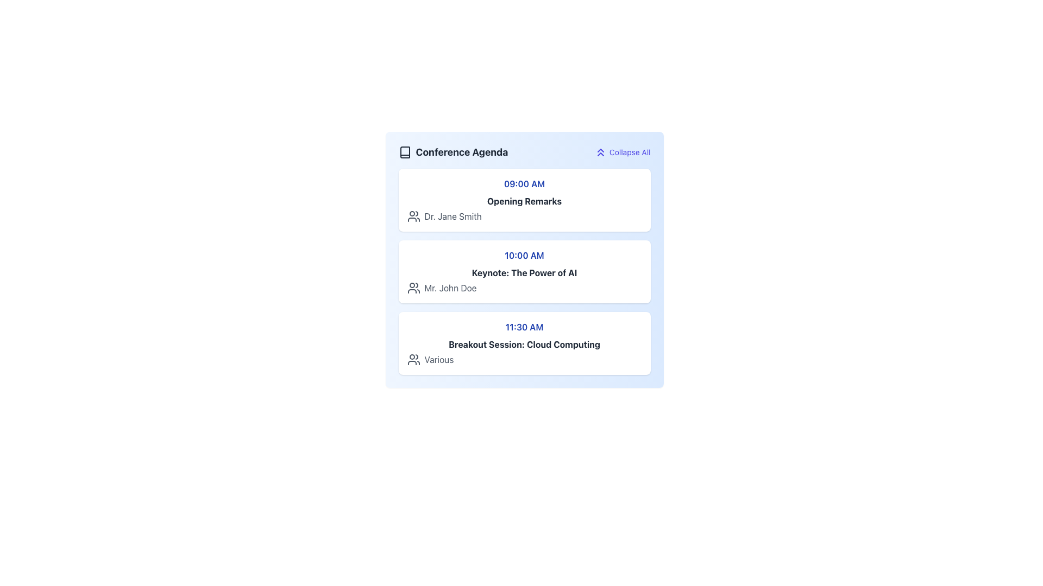 This screenshot has height=586, width=1043. I want to click on the book icon located to the left of the text 'Conference Agenda' in the header of the displayed content area, so click(404, 152).